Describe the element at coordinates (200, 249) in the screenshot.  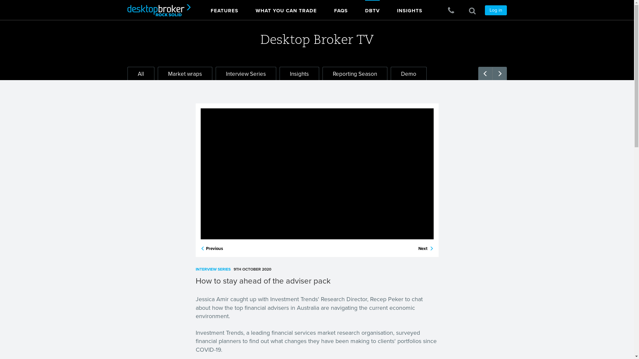
I see `'Previous'` at that location.